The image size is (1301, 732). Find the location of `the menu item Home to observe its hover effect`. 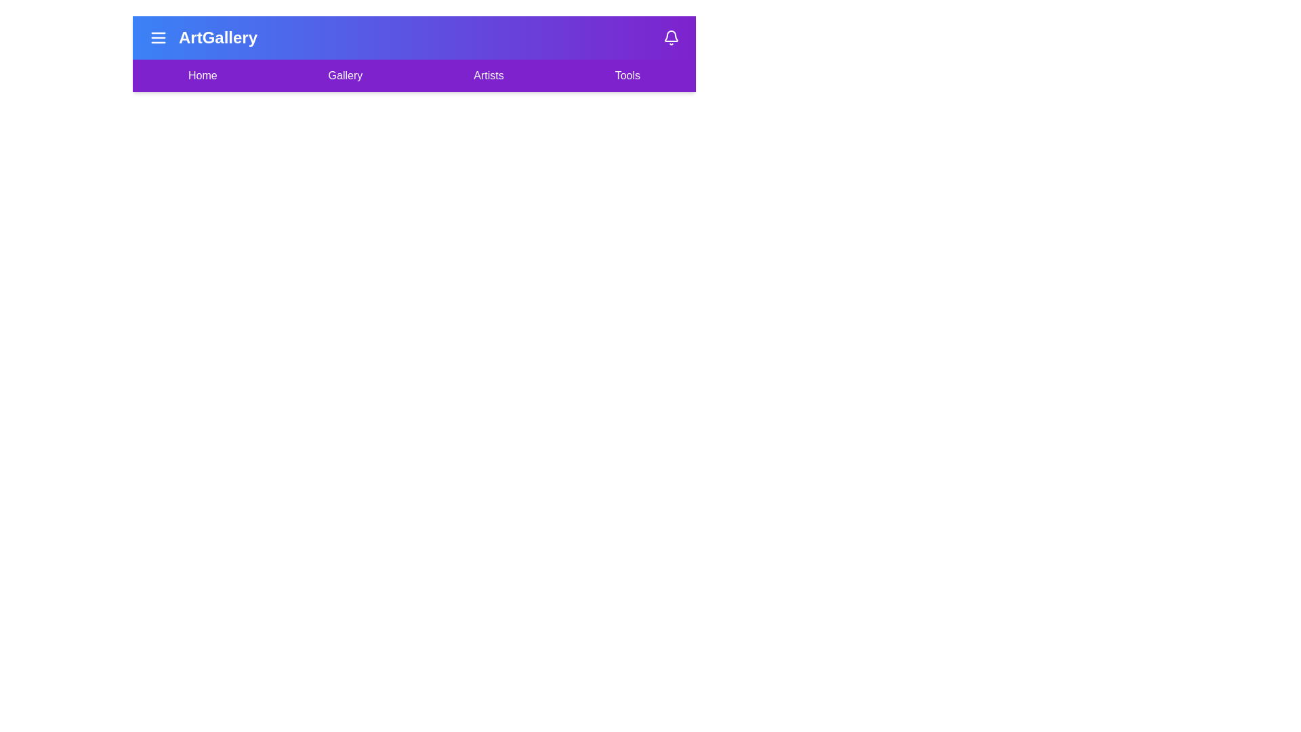

the menu item Home to observe its hover effect is located at coordinates (202, 75).